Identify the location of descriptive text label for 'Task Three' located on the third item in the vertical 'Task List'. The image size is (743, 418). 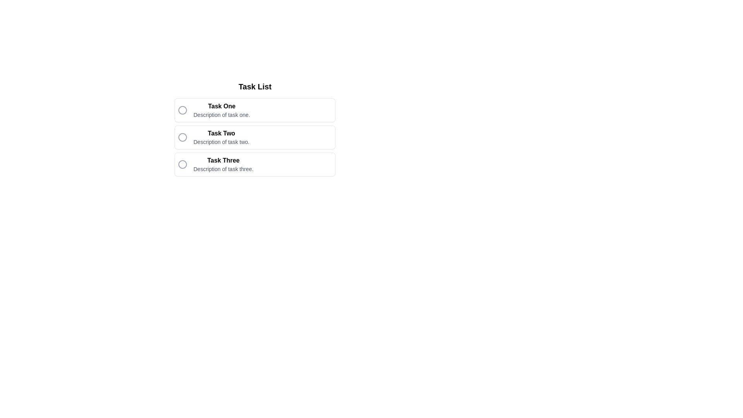
(223, 168).